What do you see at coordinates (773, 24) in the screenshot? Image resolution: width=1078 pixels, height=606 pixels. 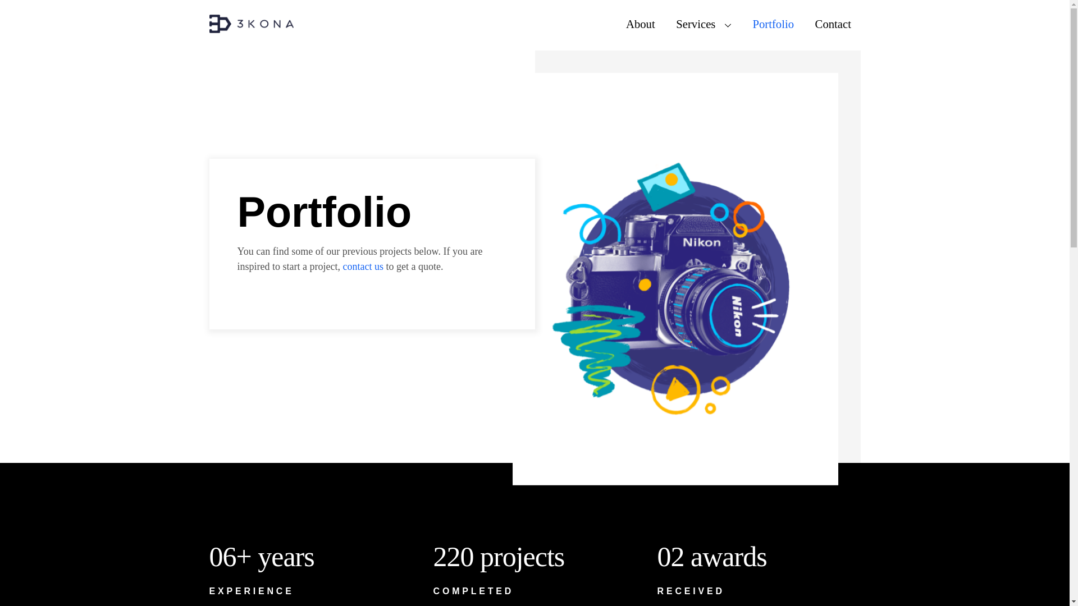 I see `'Portfolio'` at bounding box center [773, 24].